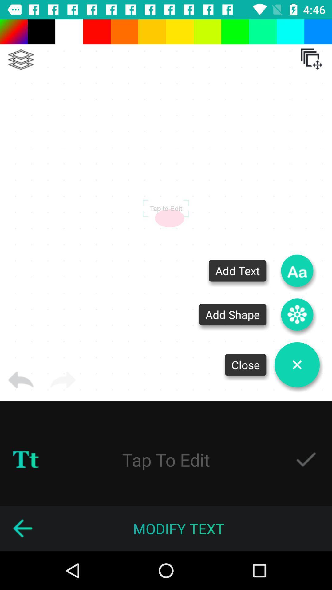 Image resolution: width=332 pixels, height=590 pixels. Describe the element at coordinates (311, 59) in the screenshot. I see `open multiple windows` at that location.